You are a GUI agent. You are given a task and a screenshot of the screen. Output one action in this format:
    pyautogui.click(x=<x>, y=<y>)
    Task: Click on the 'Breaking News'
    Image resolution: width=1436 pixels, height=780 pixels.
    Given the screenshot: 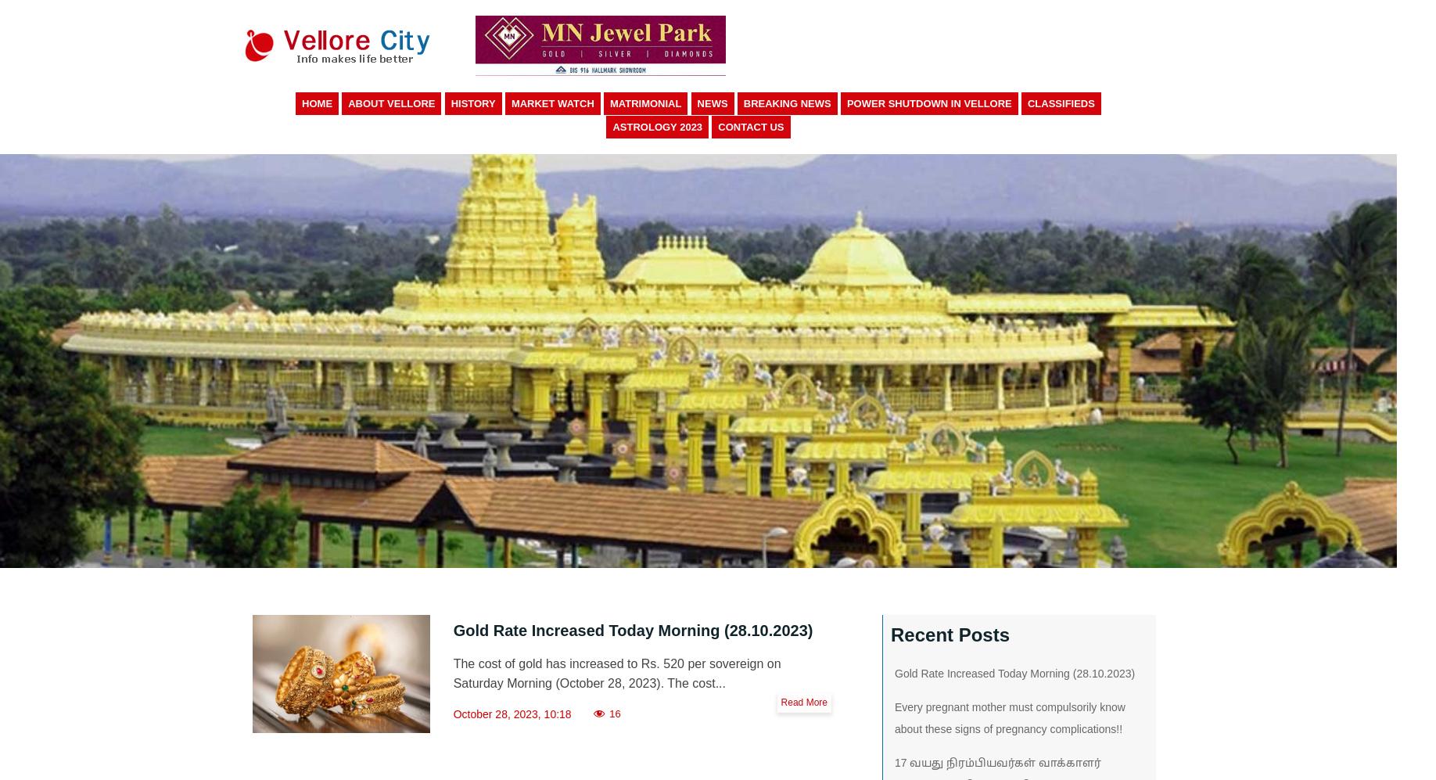 What is the action you would take?
    pyautogui.click(x=785, y=103)
    